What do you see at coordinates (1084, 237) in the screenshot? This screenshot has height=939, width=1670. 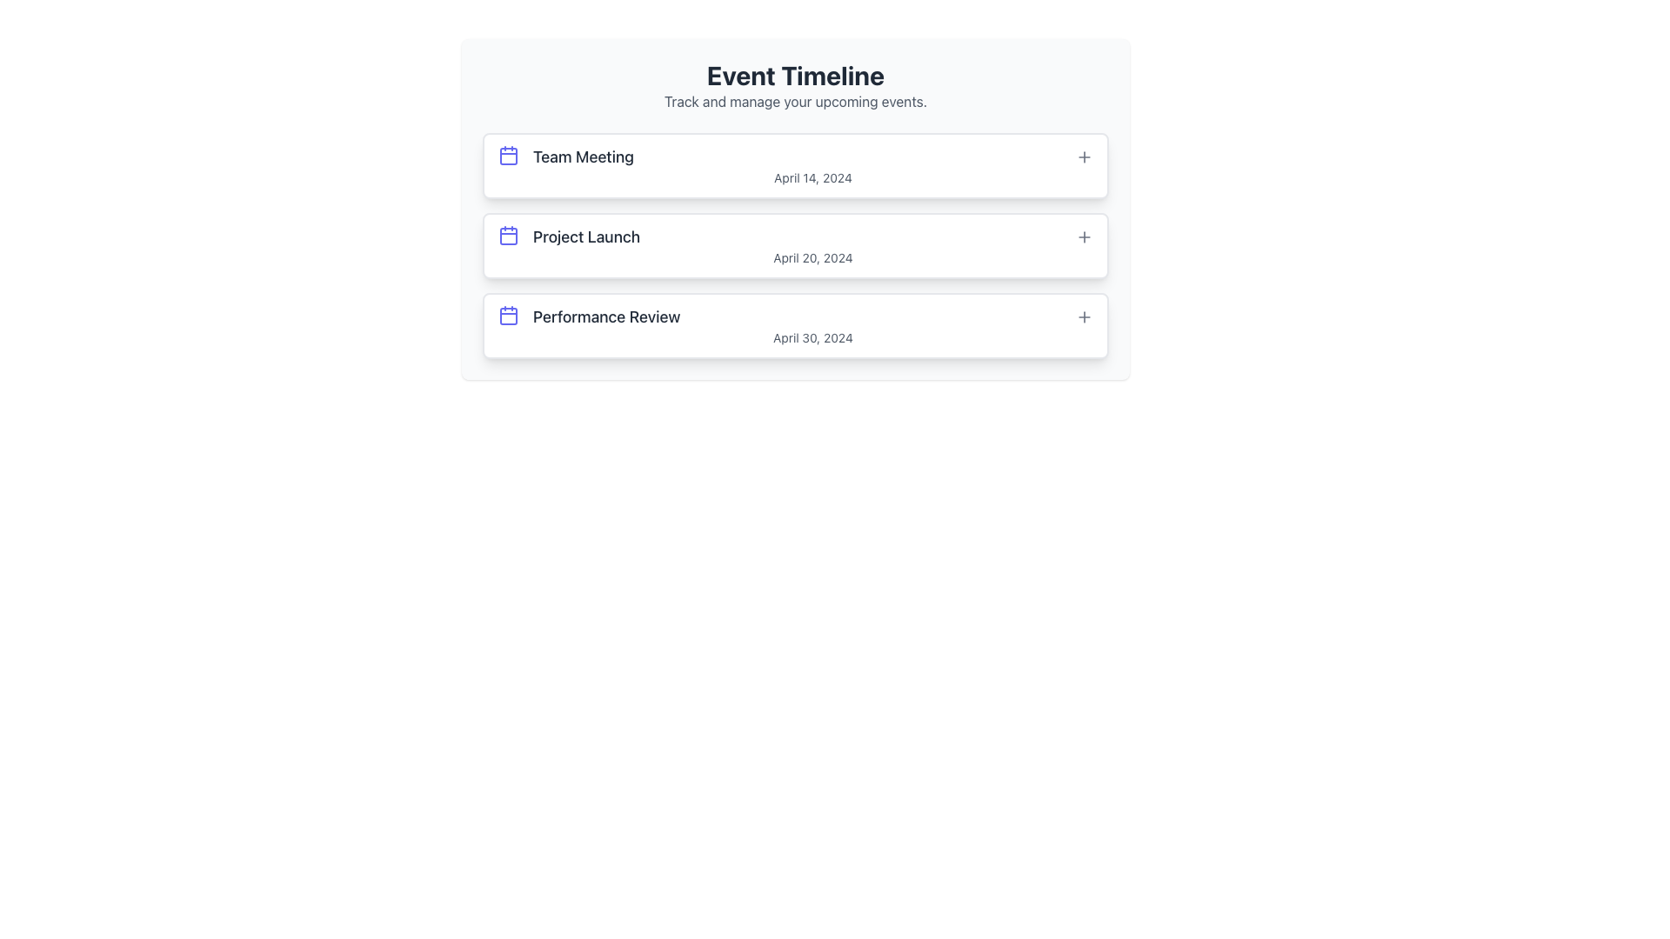 I see `the icon button located to the right of the 'Project Launch' text element, which serves` at bounding box center [1084, 237].